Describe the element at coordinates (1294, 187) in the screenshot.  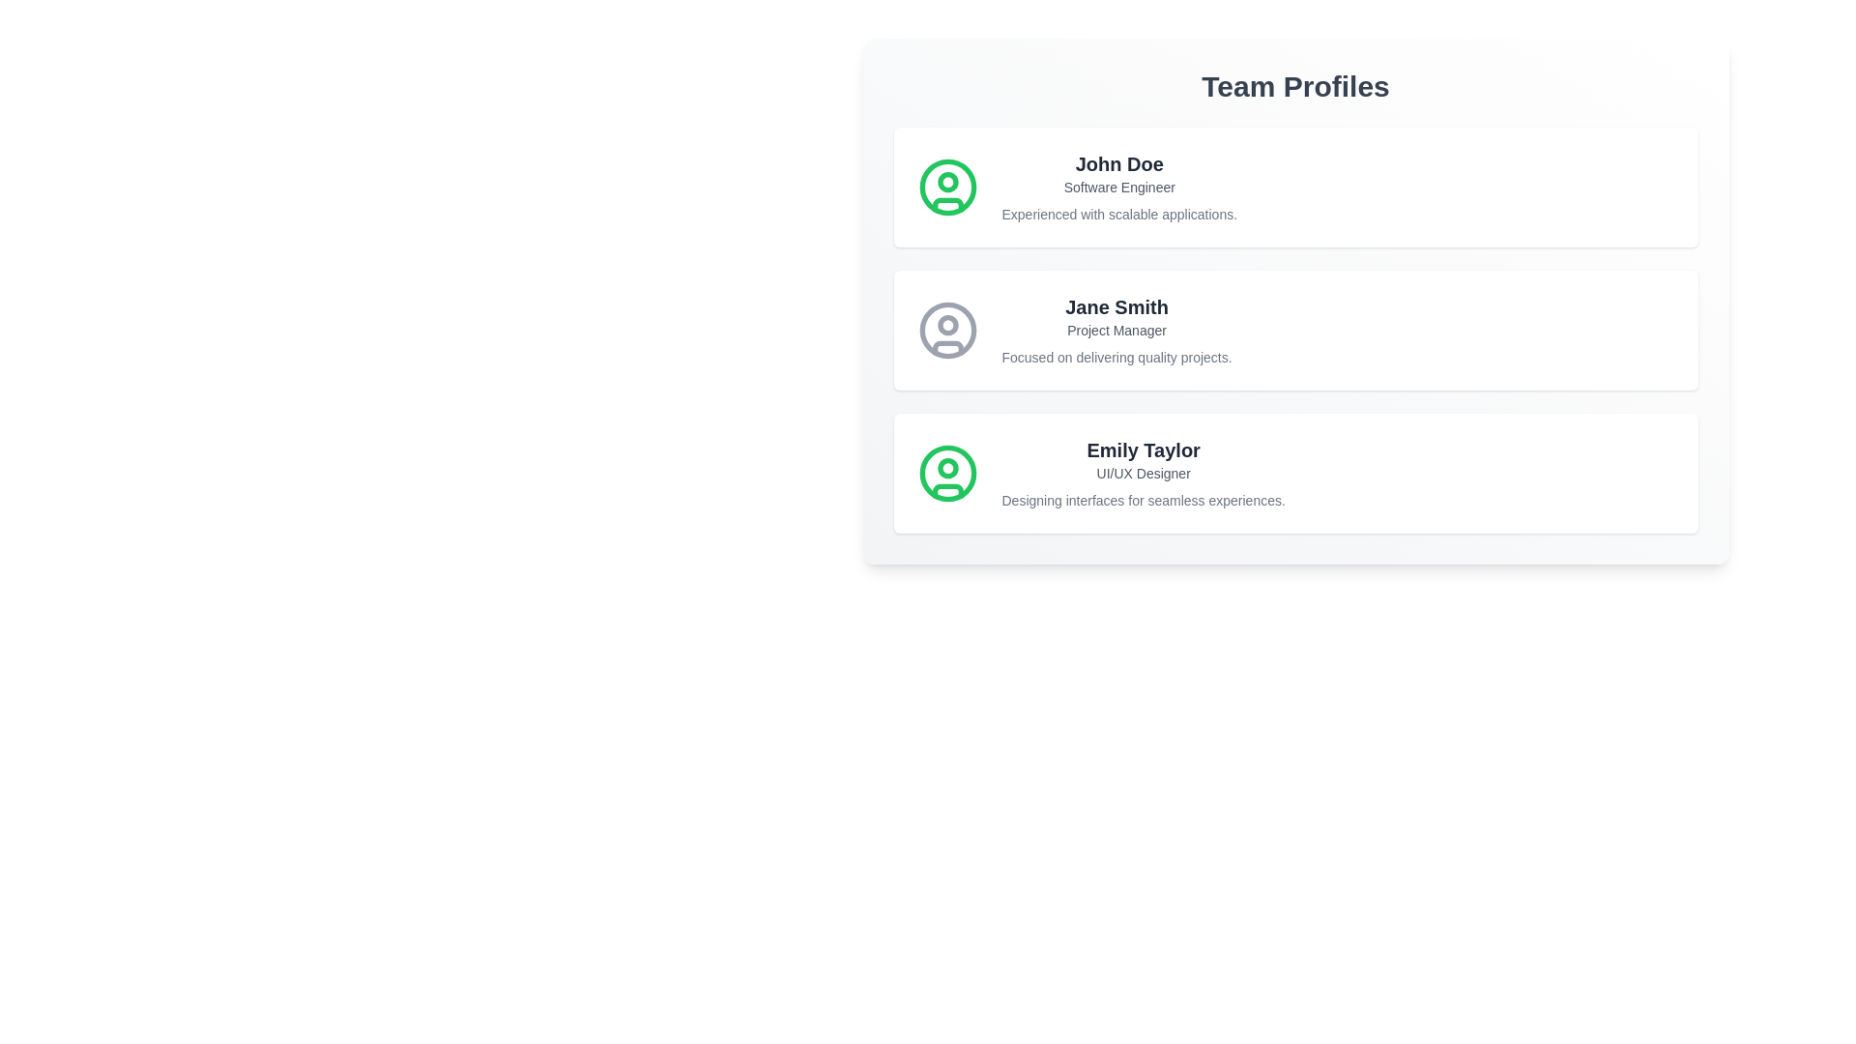
I see `the profile section for John Doe to open the context menu` at that location.